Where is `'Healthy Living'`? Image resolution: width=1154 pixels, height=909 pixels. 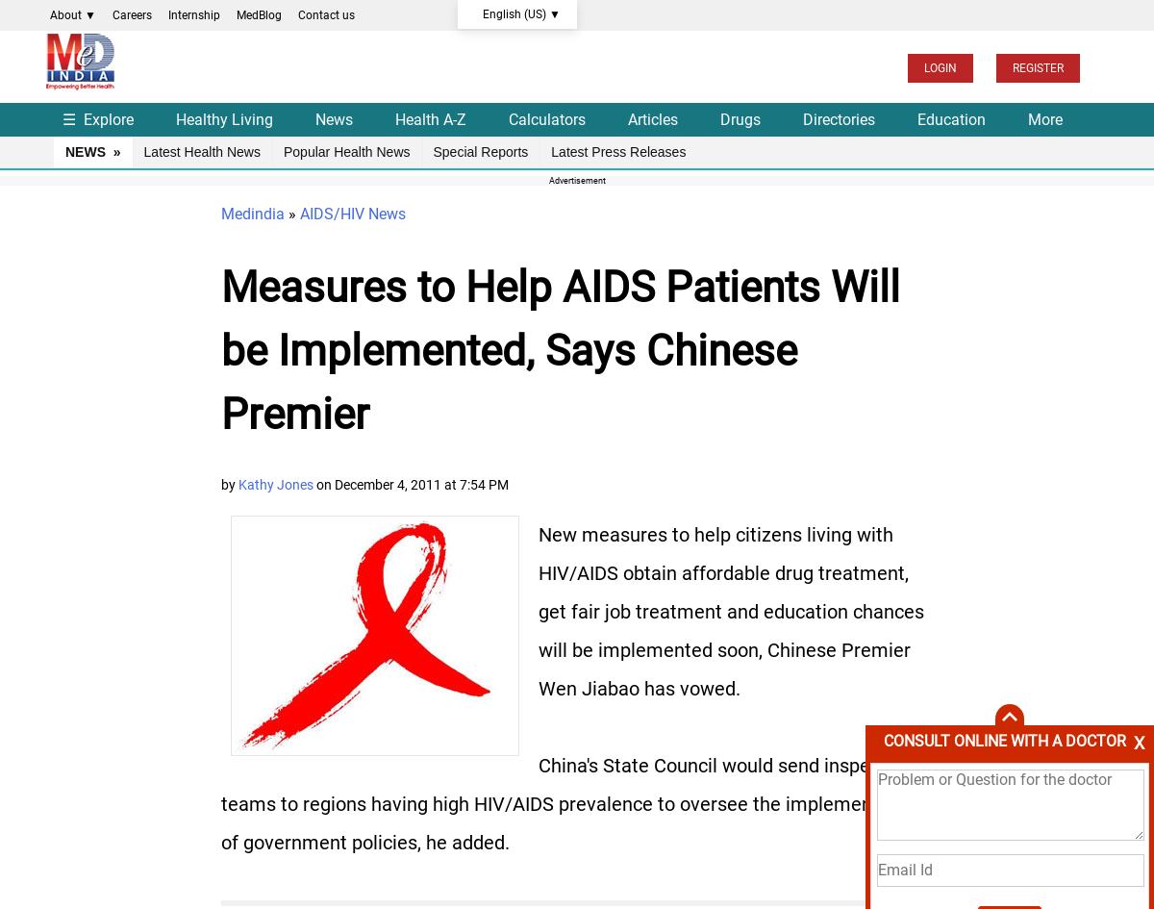 'Healthy Living' is located at coordinates (223, 117).